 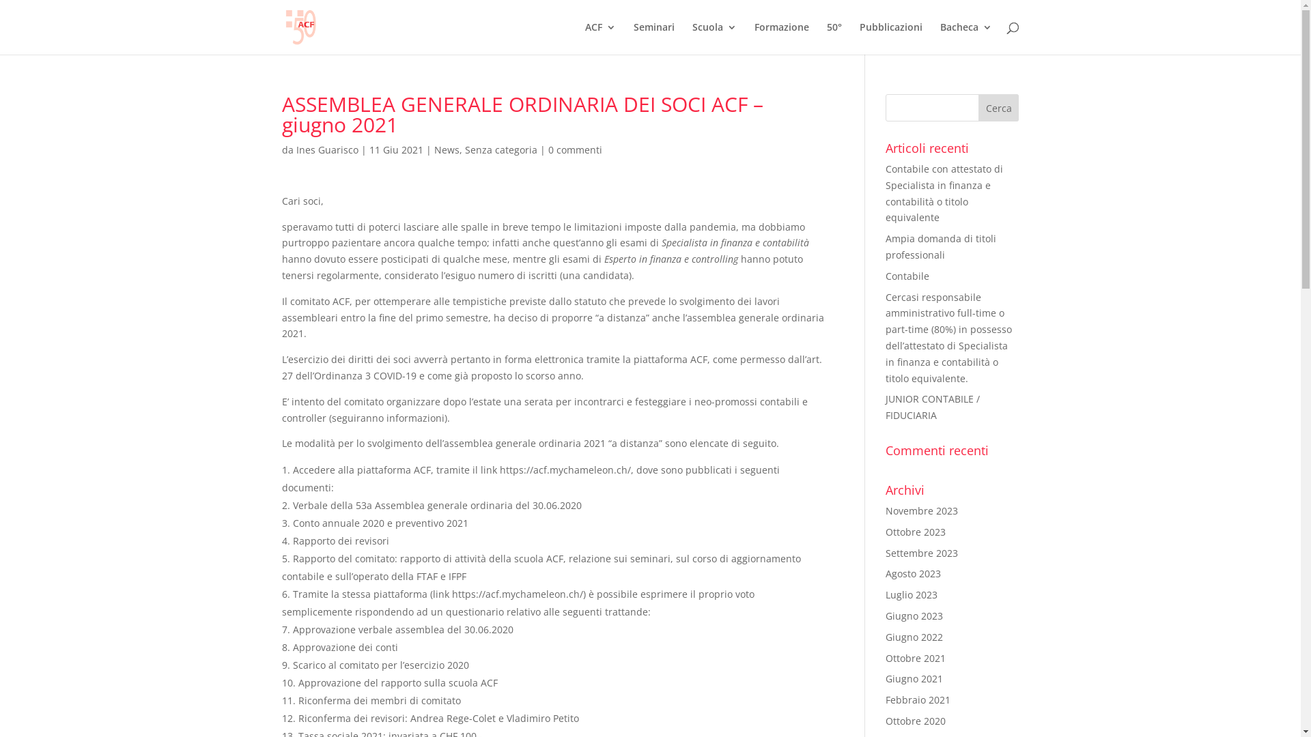 What do you see at coordinates (600, 38) in the screenshot?
I see `'ACF'` at bounding box center [600, 38].